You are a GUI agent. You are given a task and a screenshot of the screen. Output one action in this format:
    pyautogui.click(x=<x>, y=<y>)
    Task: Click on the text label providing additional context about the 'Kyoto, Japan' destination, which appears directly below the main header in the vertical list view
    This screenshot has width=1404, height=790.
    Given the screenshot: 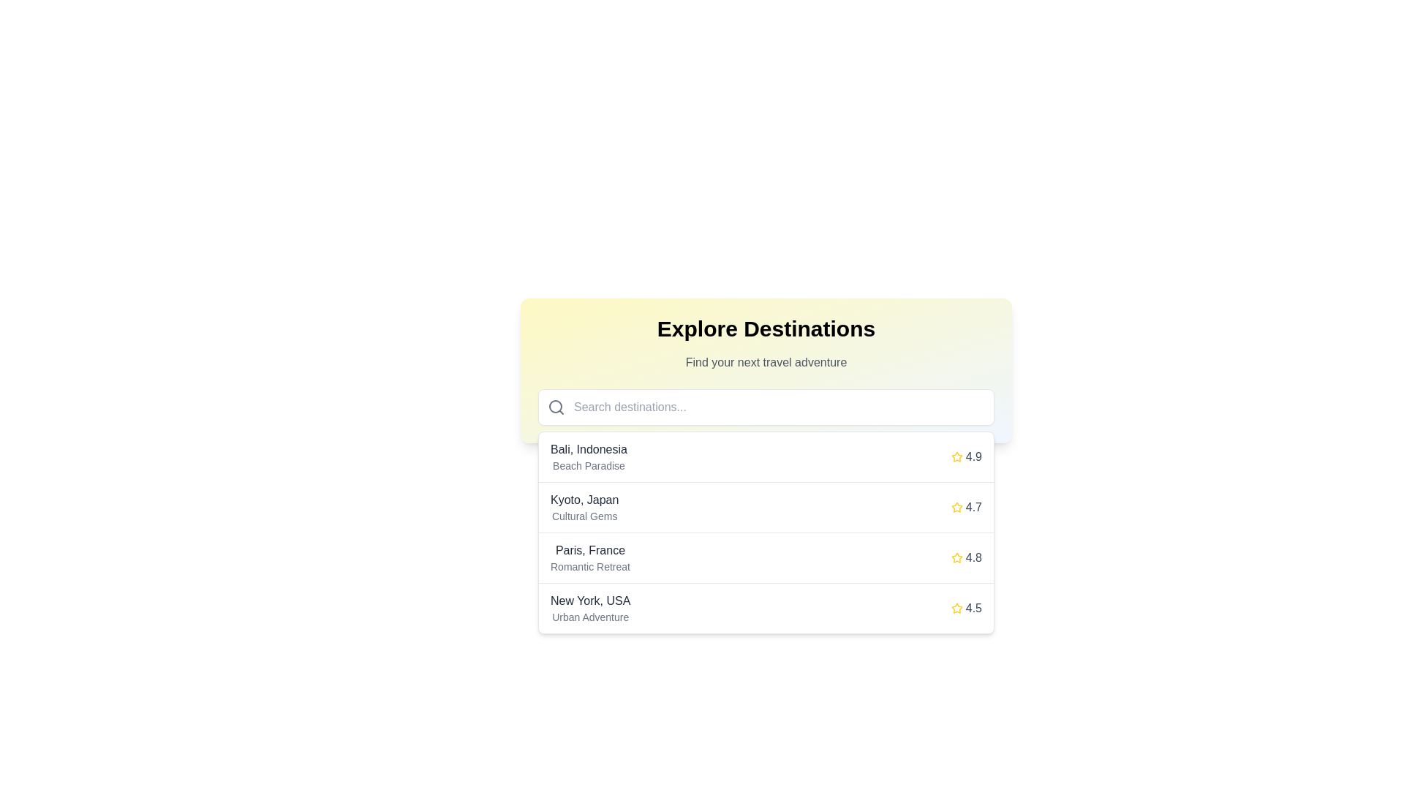 What is the action you would take?
    pyautogui.click(x=584, y=515)
    